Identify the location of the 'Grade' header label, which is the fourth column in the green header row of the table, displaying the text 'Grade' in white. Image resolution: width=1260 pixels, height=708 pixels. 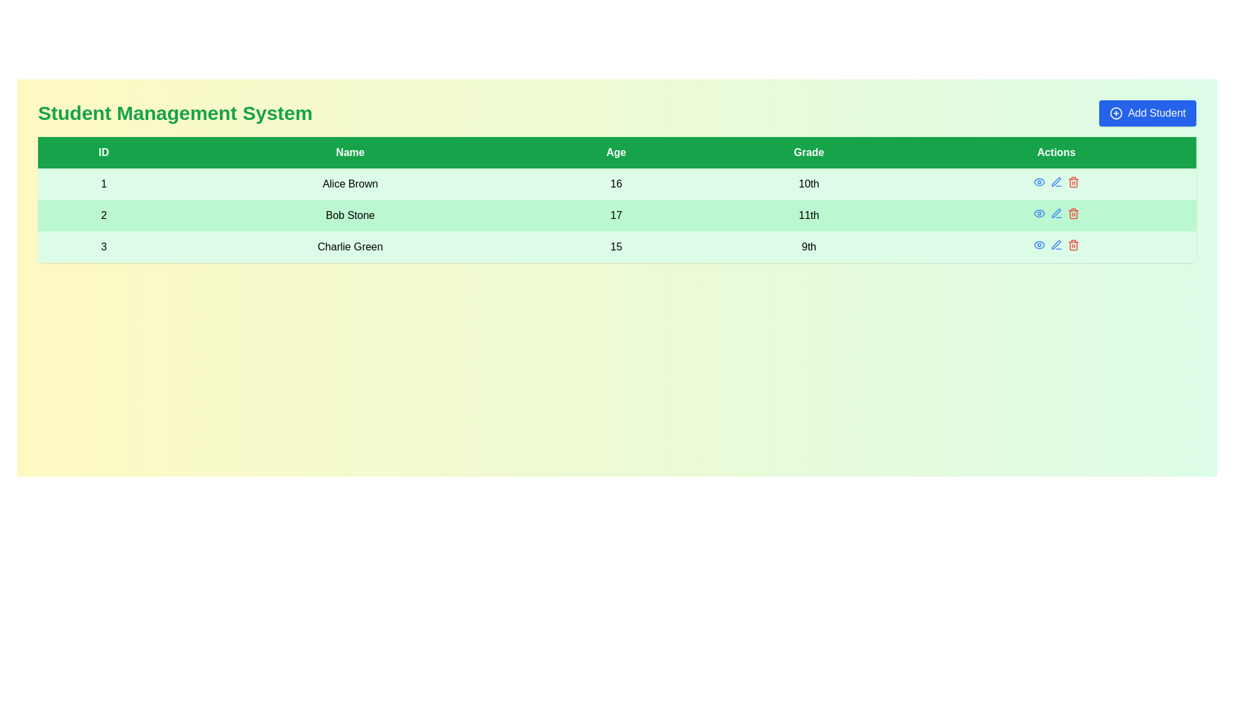
(808, 151).